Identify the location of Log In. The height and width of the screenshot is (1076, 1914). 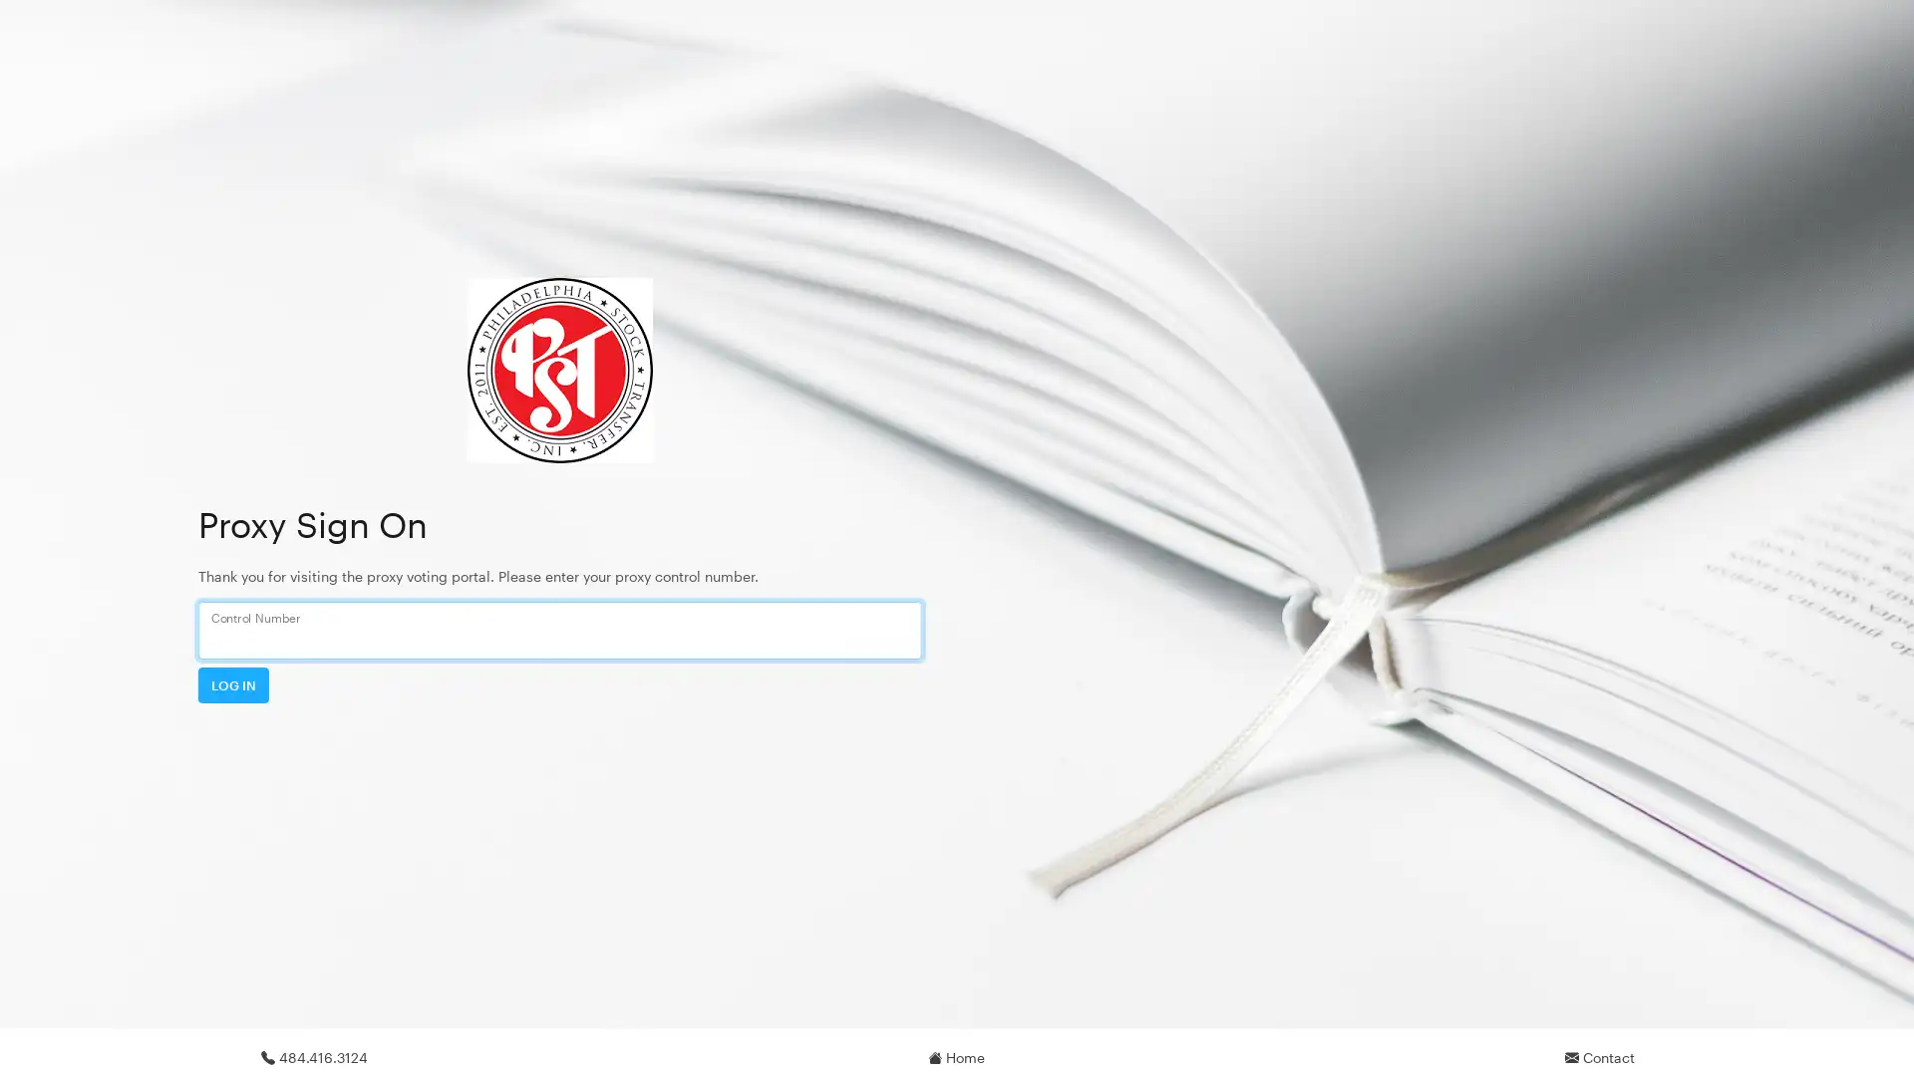
(233, 683).